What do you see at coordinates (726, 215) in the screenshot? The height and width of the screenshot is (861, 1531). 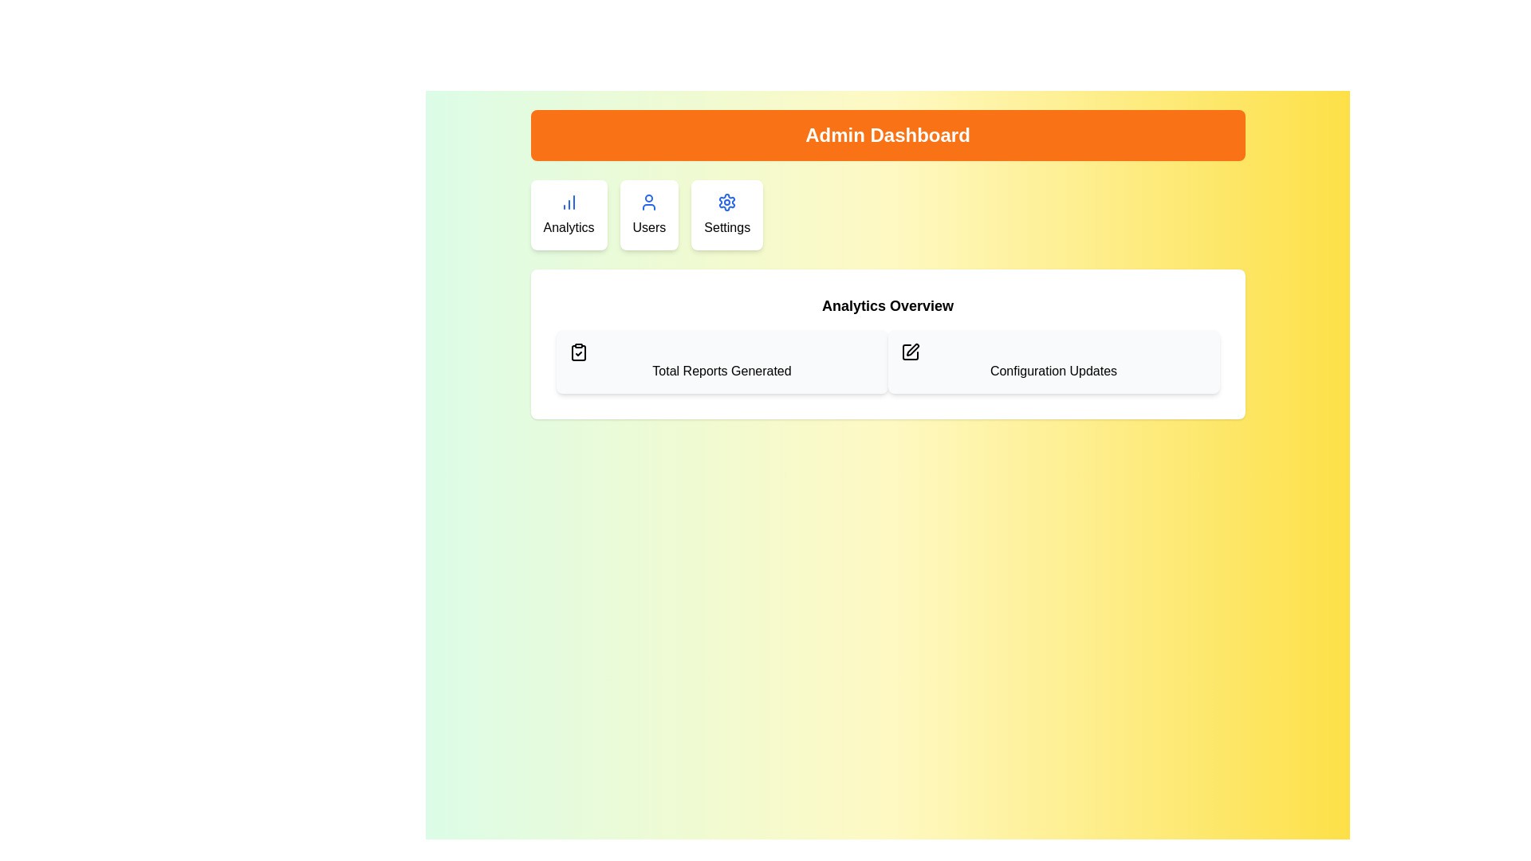 I see `the Settings menu button` at bounding box center [726, 215].